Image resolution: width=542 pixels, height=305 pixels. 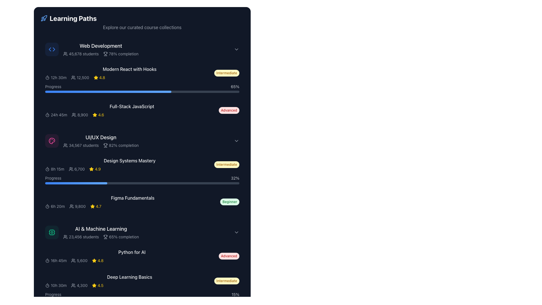 What do you see at coordinates (132, 198) in the screenshot?
I see `the 'Figma Fundamentals' text label, which is styled with a light gray font on a dark background and serves as the title for the course card in the module list` at bounding box center [132, 198].